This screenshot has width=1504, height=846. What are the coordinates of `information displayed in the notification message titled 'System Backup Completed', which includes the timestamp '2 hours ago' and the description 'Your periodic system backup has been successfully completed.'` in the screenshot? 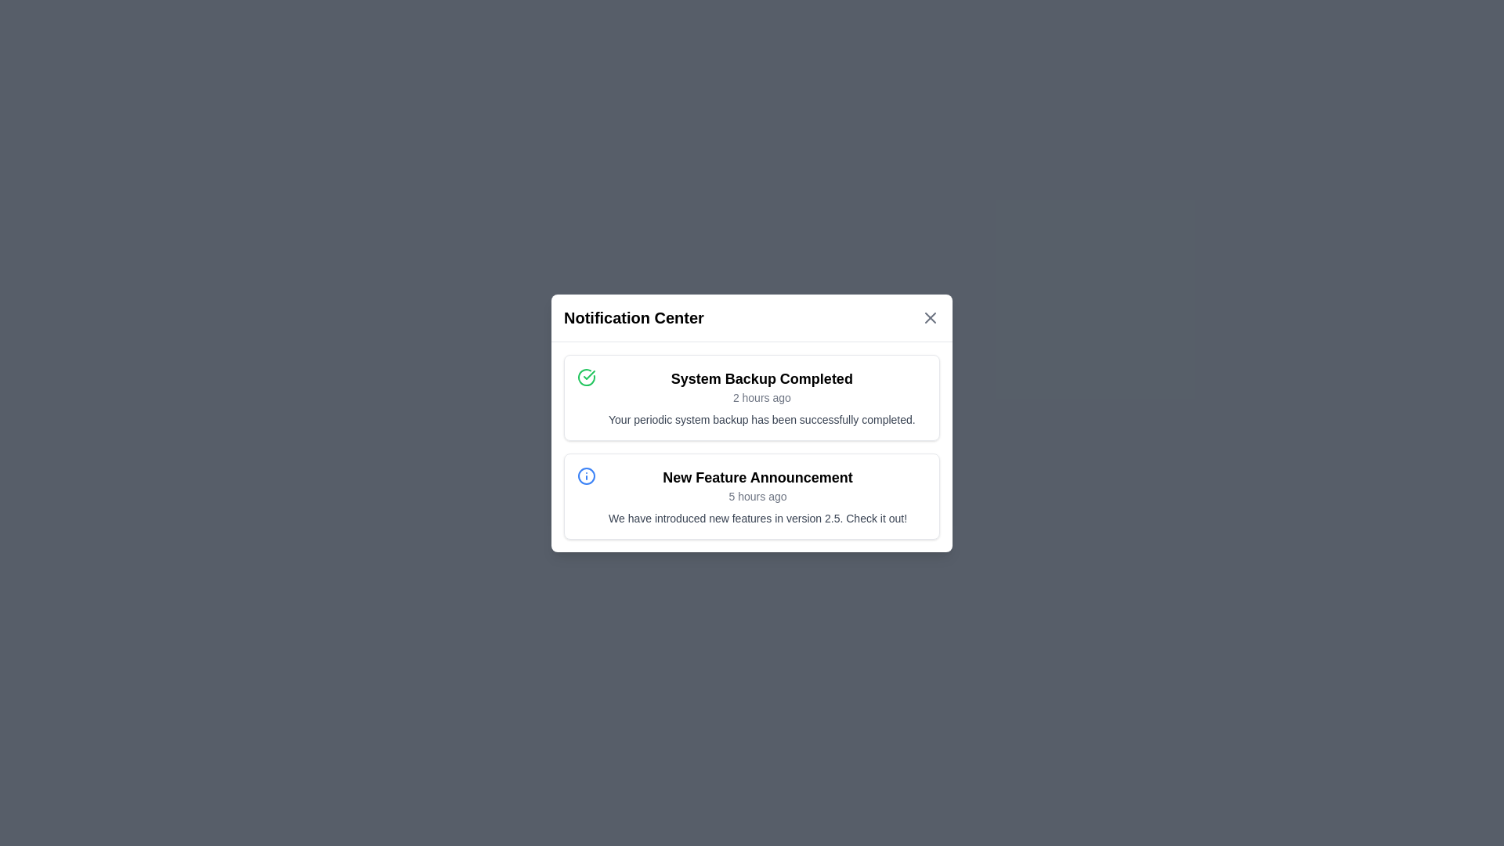 It's located at (761, 396).